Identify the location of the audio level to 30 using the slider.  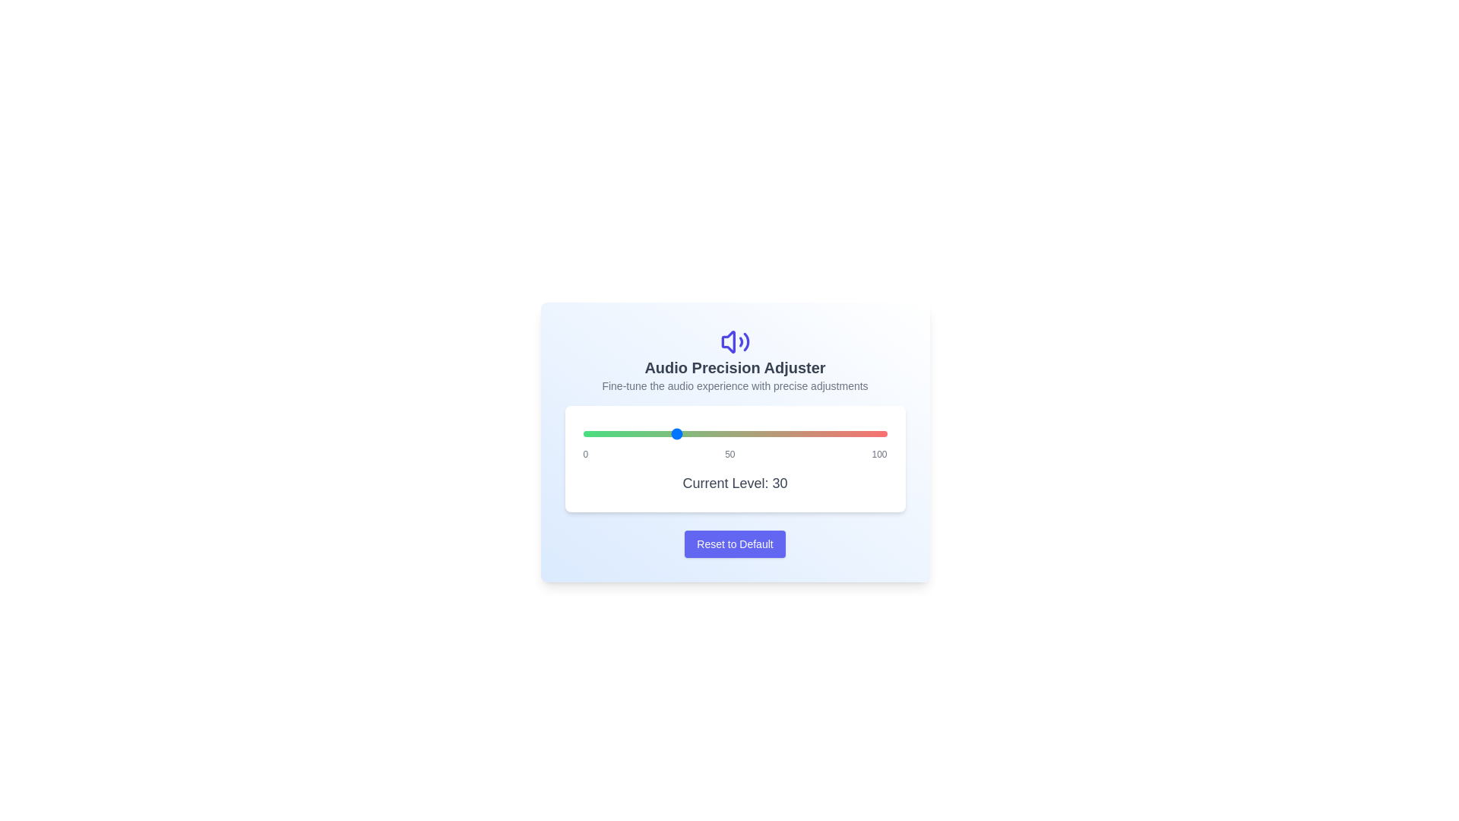
(673, 433).